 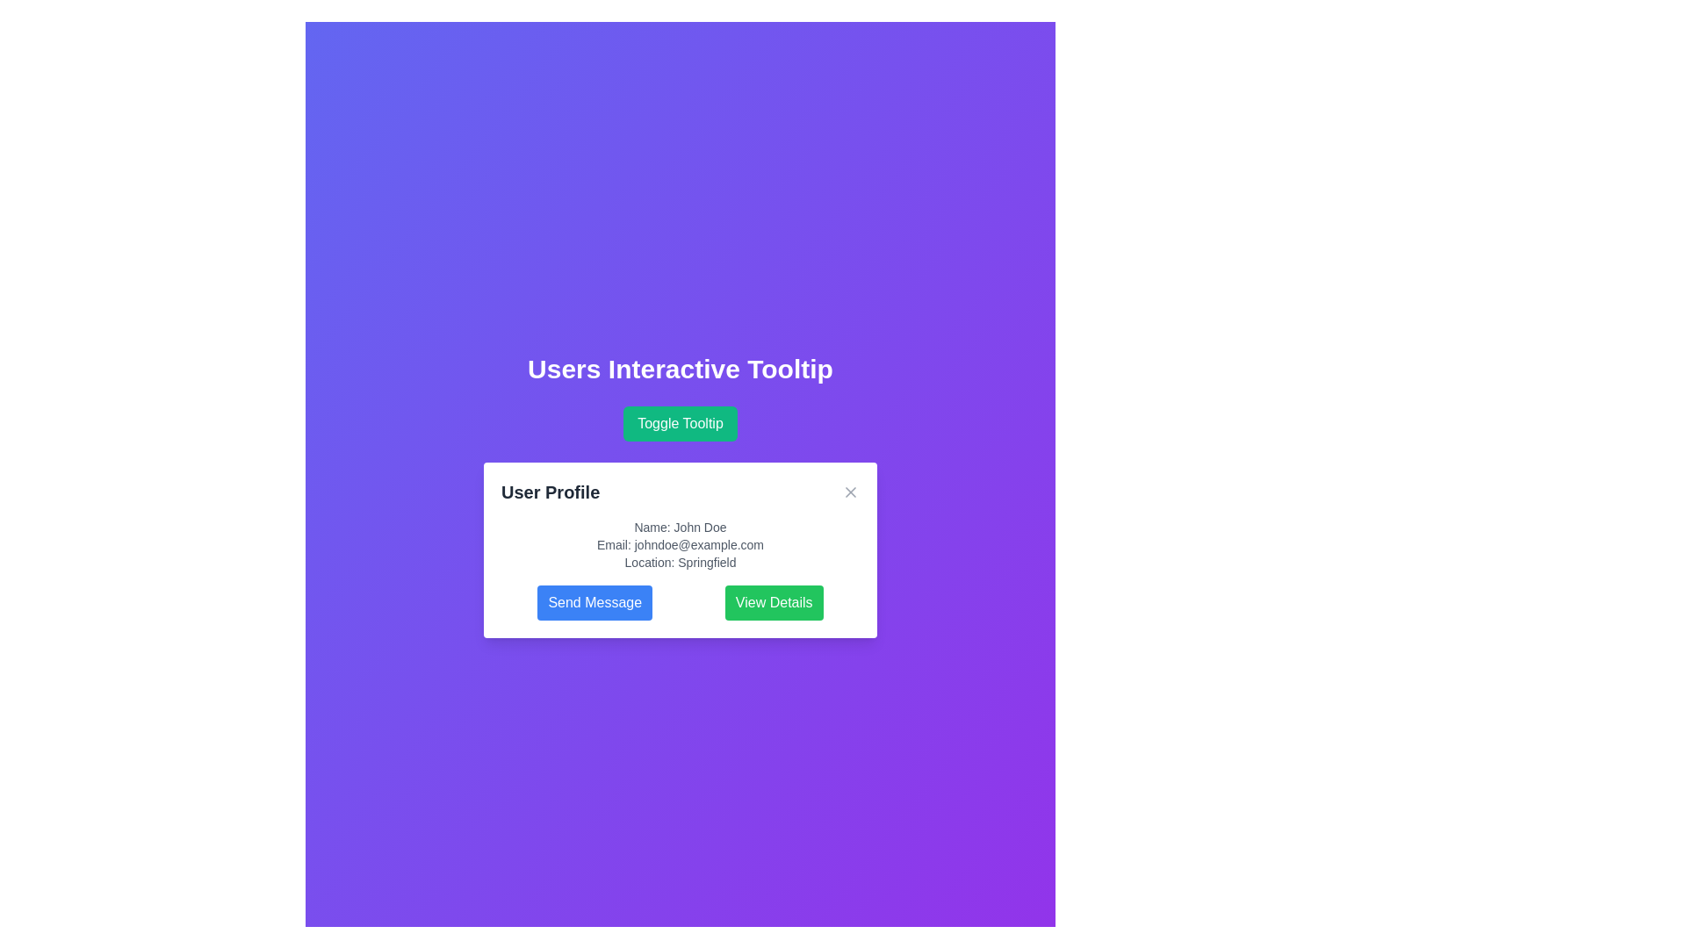 I want to click on text from the Text label located at the top-left corner of the card UI, which serves as a section header for the content below it, so click(x=550, y=492).